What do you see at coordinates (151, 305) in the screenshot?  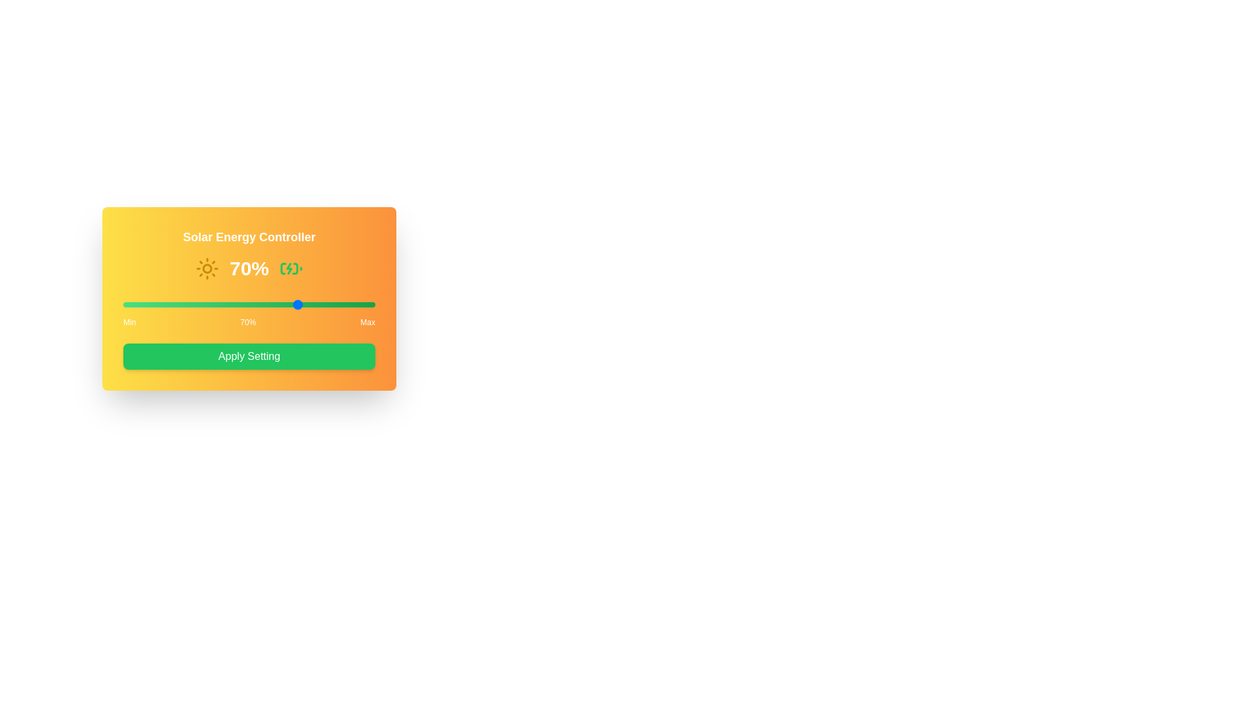 I see `the solar input slider to 11%` at bounding box center [151, 305].